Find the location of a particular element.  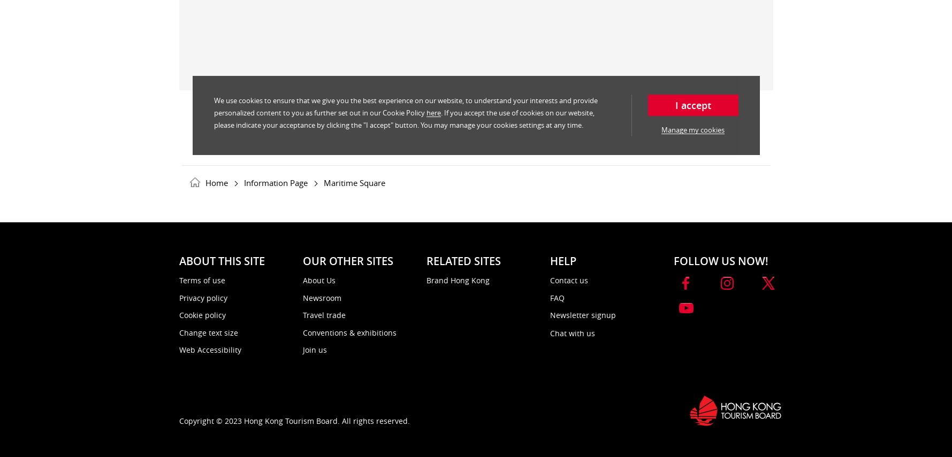

'OUR OTHER SITES' is located at coordinates (347, 261).